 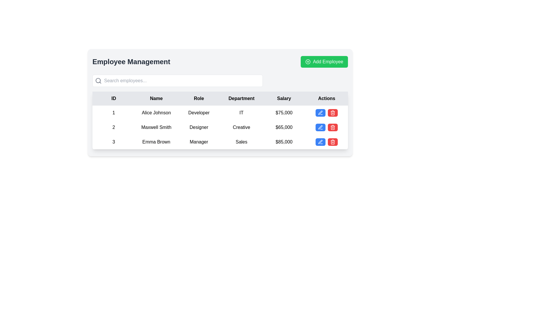 I want to click on the edit action icon located in the third row of the table under the 'Actions' column, so click(x=320, y=142).